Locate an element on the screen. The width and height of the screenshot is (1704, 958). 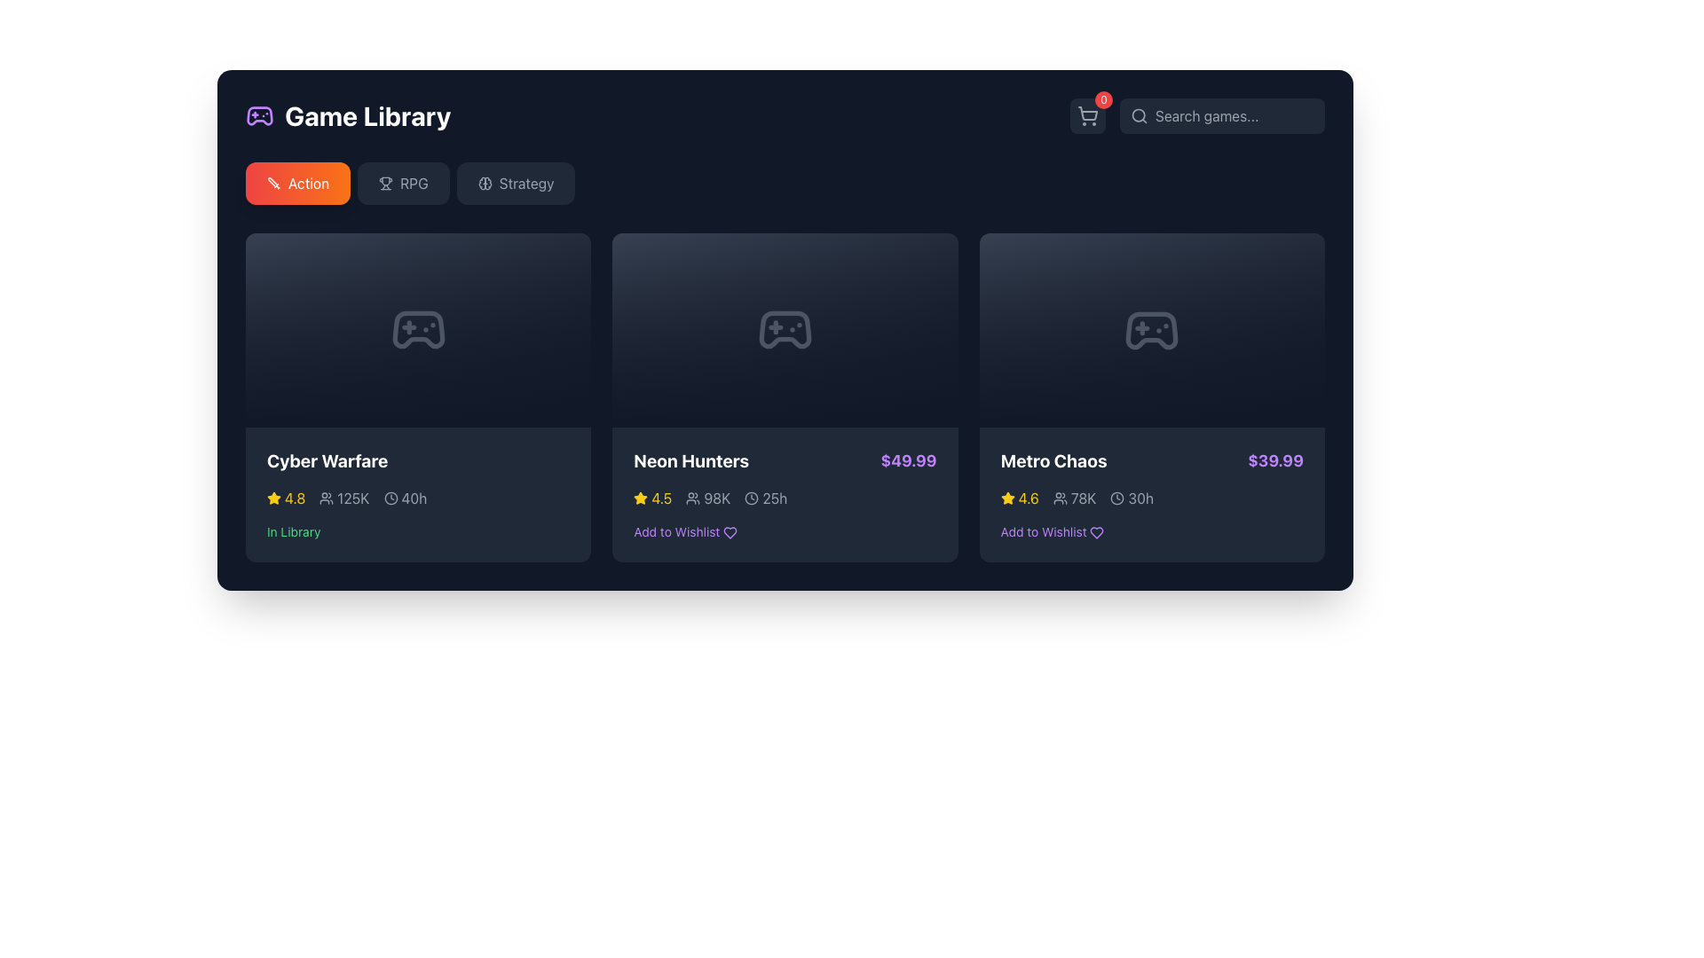
the gamepad icon representing the 'Cyber Warfare' game located in the upper section of its card to interact with the game is located at coordinates (417, 330).